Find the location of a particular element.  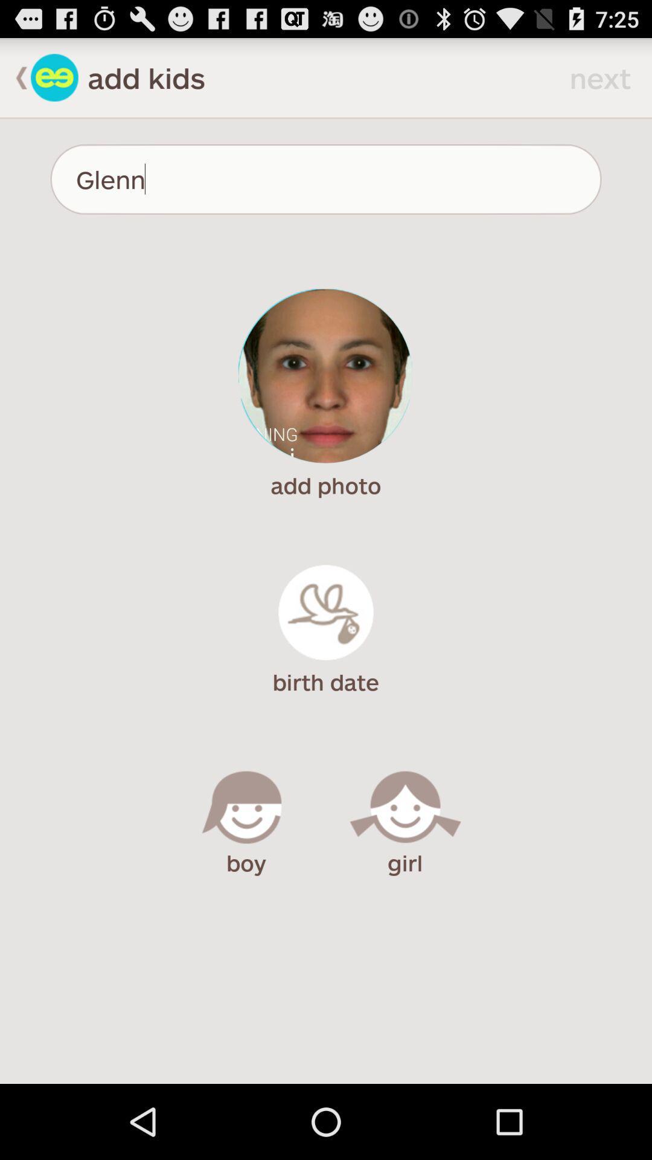

go back is located at coordinates (54, 77).